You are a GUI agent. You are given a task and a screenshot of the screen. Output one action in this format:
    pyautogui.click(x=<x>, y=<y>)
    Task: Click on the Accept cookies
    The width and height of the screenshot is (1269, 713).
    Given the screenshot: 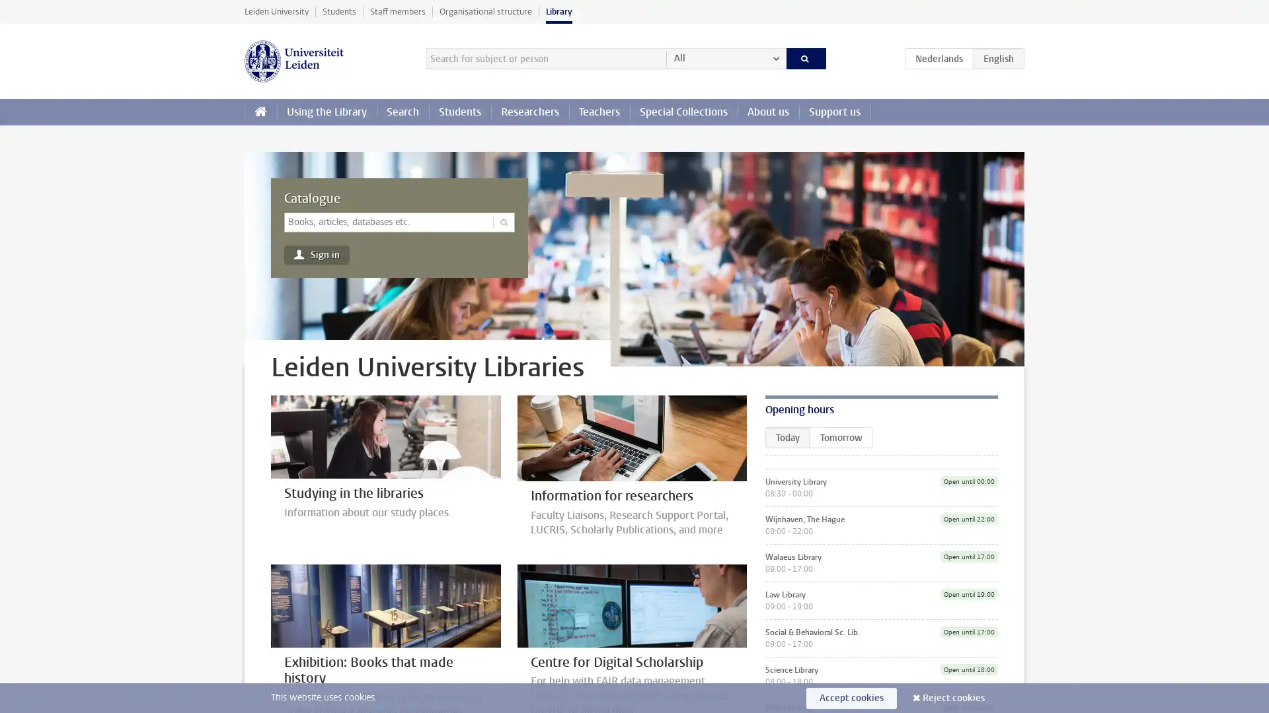 What is the action you would take?
    pyautogui.click(x=851, y=697)
    